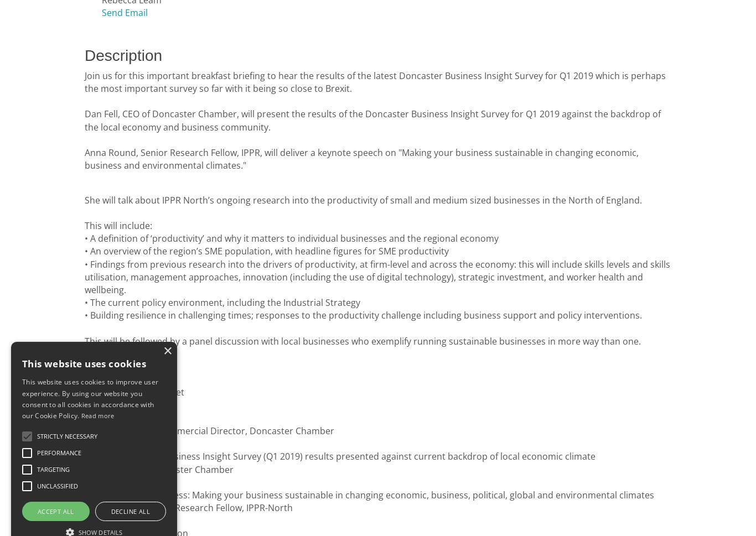  What do you see at coordinates (84, 81) in the screenshot?
I see `'Join us for this important breakfast briefing to hear the results of the latest Doncaster Business Insight Survey for Q1 2019 which is perhaps the most important survey so far with it being so close to Brexit.'` at bounding box center [84, 81].